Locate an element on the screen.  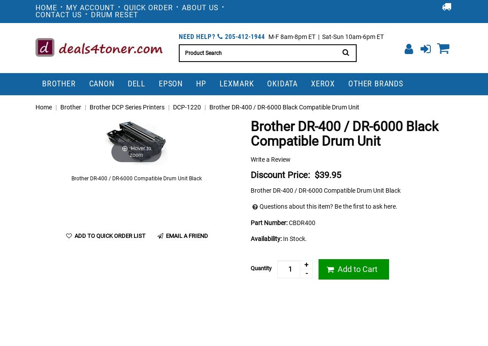
'Contact Us' is located at coordinates (35, 15).